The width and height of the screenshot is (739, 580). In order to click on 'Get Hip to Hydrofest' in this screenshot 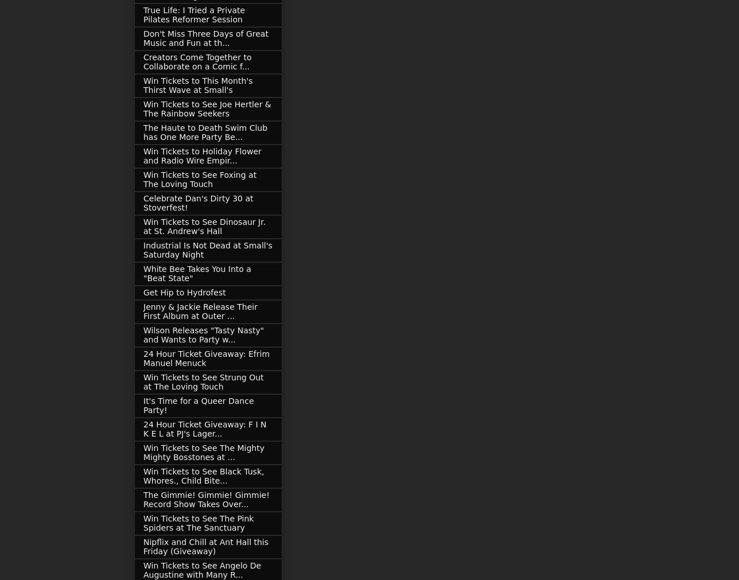, I will do `click(184, 293)`.